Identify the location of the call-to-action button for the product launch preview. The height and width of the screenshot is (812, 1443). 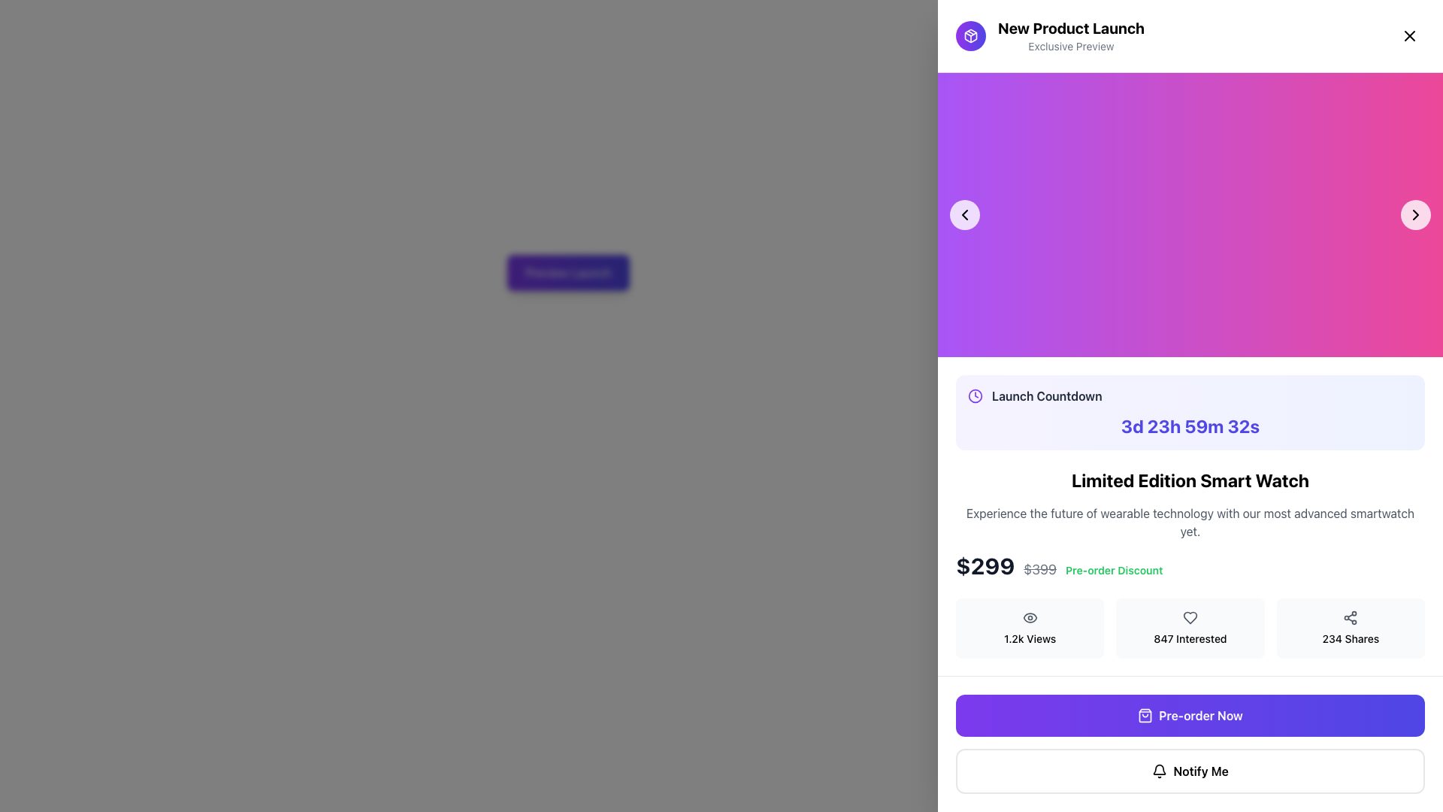
(567, 272).